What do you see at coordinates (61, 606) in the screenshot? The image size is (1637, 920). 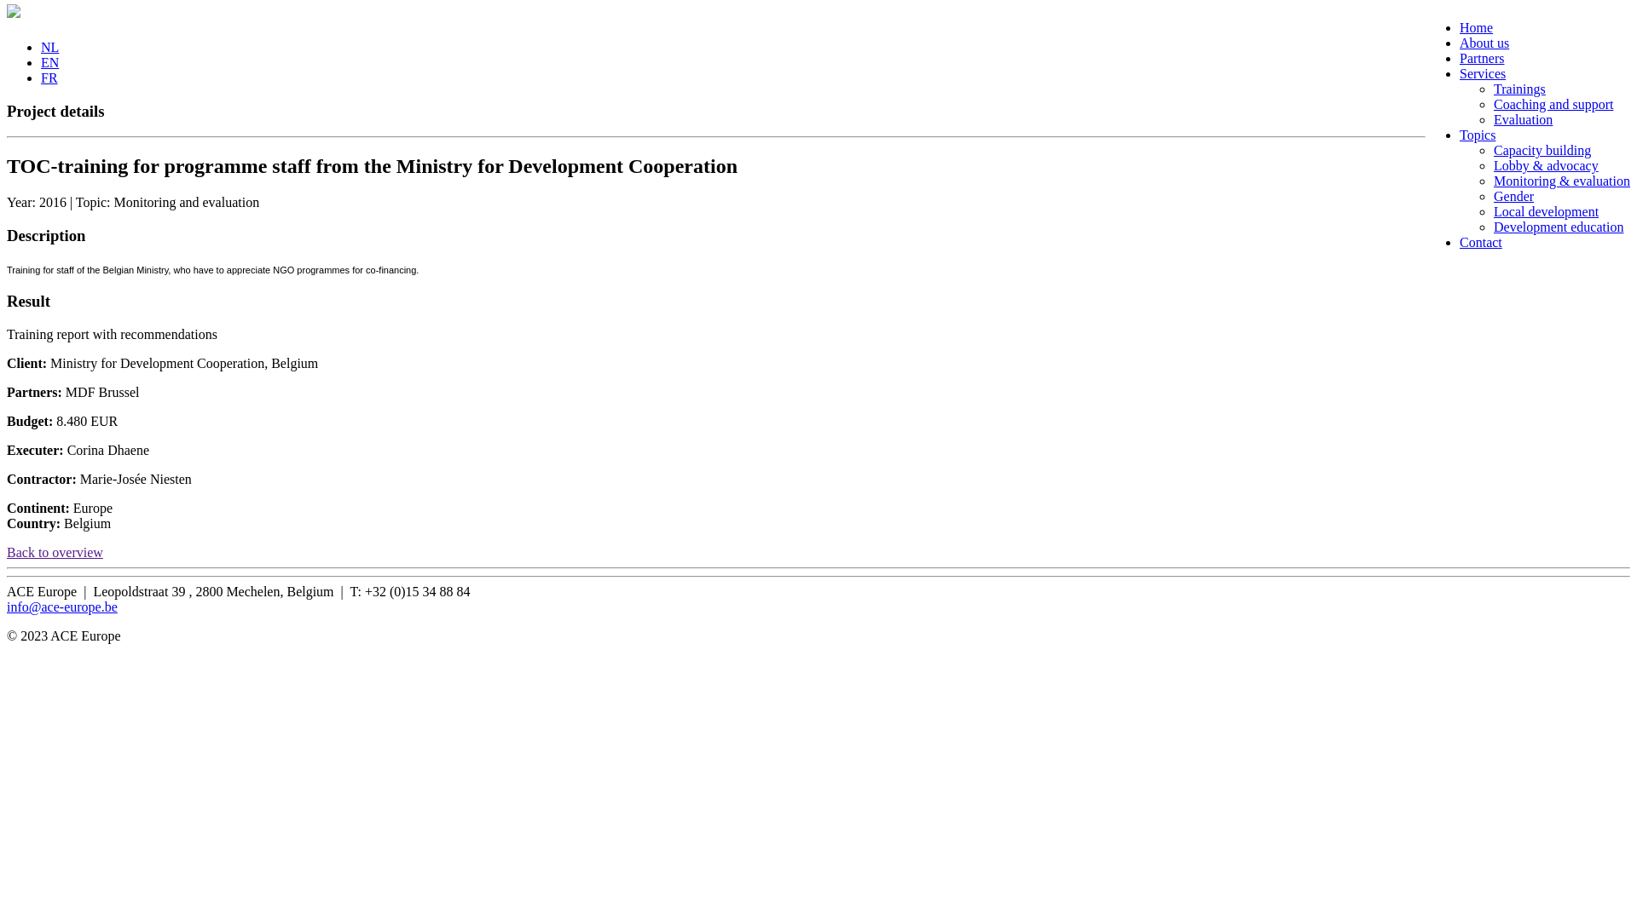 I see `'info@ace-europe.be'` at bounding box center [61, 606].